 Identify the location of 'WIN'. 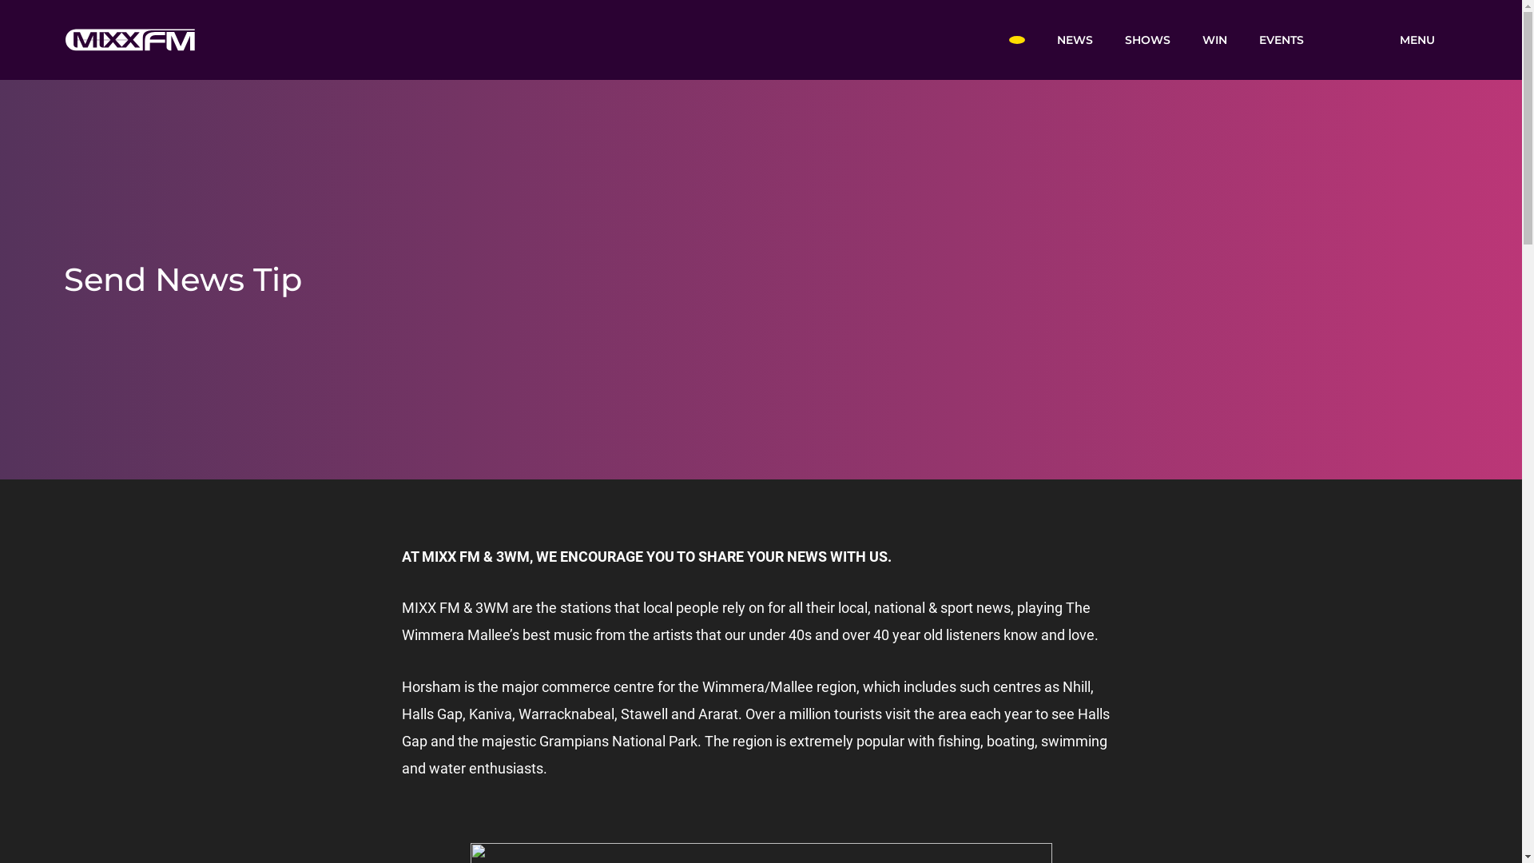
(1214, 38).